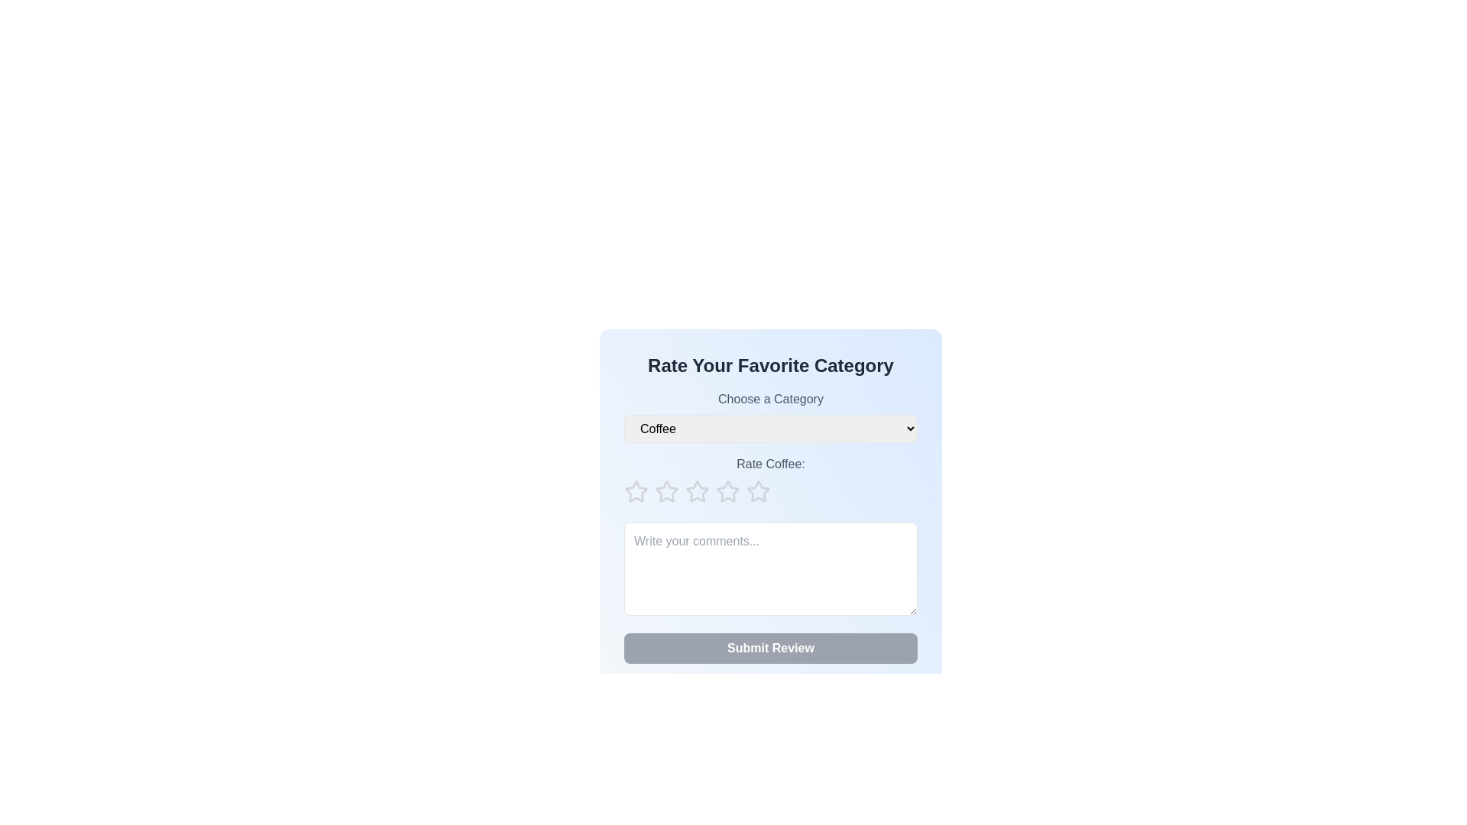 This screenshot has height=825, width=1467. I want to click on the first rating star button, so click(636, 491).